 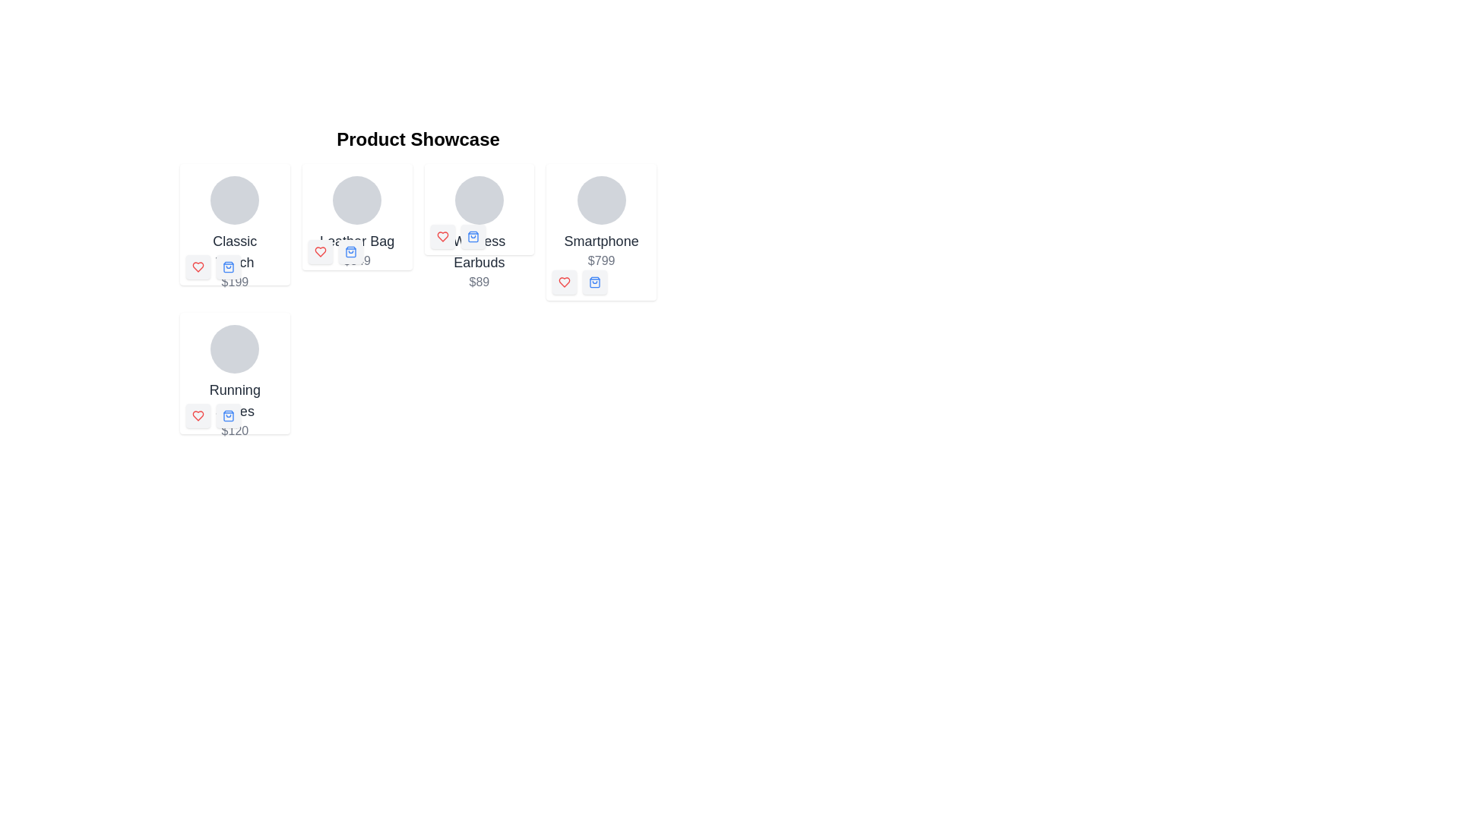 What do you see at coordinates (228, 415) in the screenshot?
I see `the 'Add to Cart' button located at the bottom left corner of the 'Running Shoes' product card` at bounding box center [228, 415].